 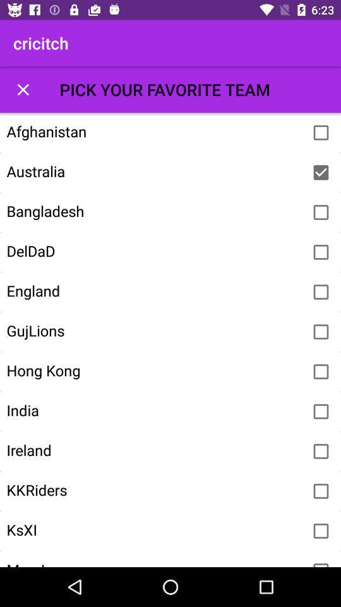 What do you see at coordinates (321, 451) in the screenshot?
I see `check` at bounding box center [321, 451].